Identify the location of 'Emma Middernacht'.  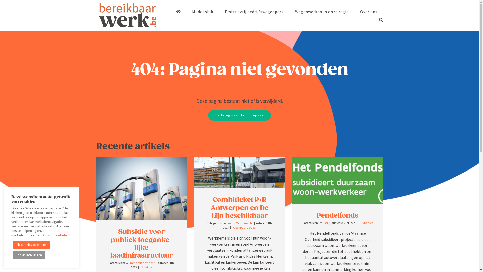
(141, 262).